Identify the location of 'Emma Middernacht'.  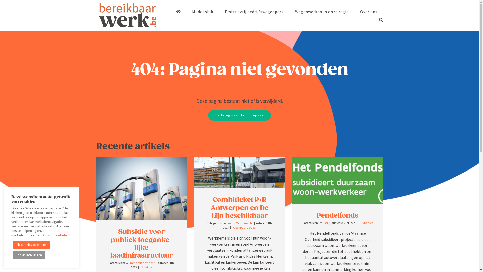
(141, 262).